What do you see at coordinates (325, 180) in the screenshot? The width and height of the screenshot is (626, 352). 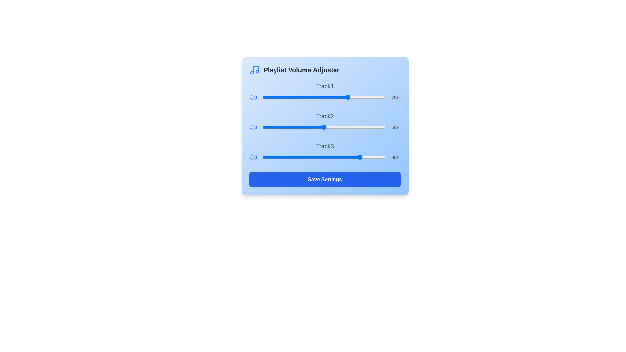 I see `the 'Save Settings' button to save the current playlist volume adjustments` at bounding box center [325, 180].